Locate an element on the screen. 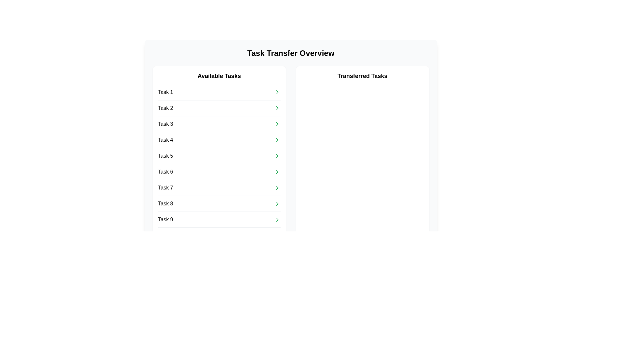  the text label displaying 'Task 4' in the list of 'Available Tasks', which is the fourth item in the vertical arrangement is located at coordinates (165, 140).